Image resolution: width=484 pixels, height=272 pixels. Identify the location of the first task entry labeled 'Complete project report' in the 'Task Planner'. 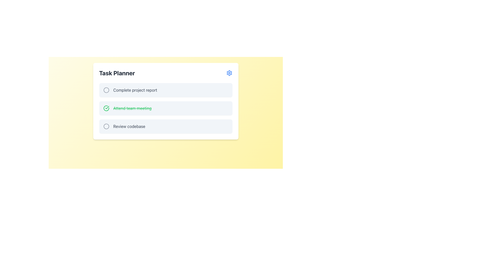
(166, 90).